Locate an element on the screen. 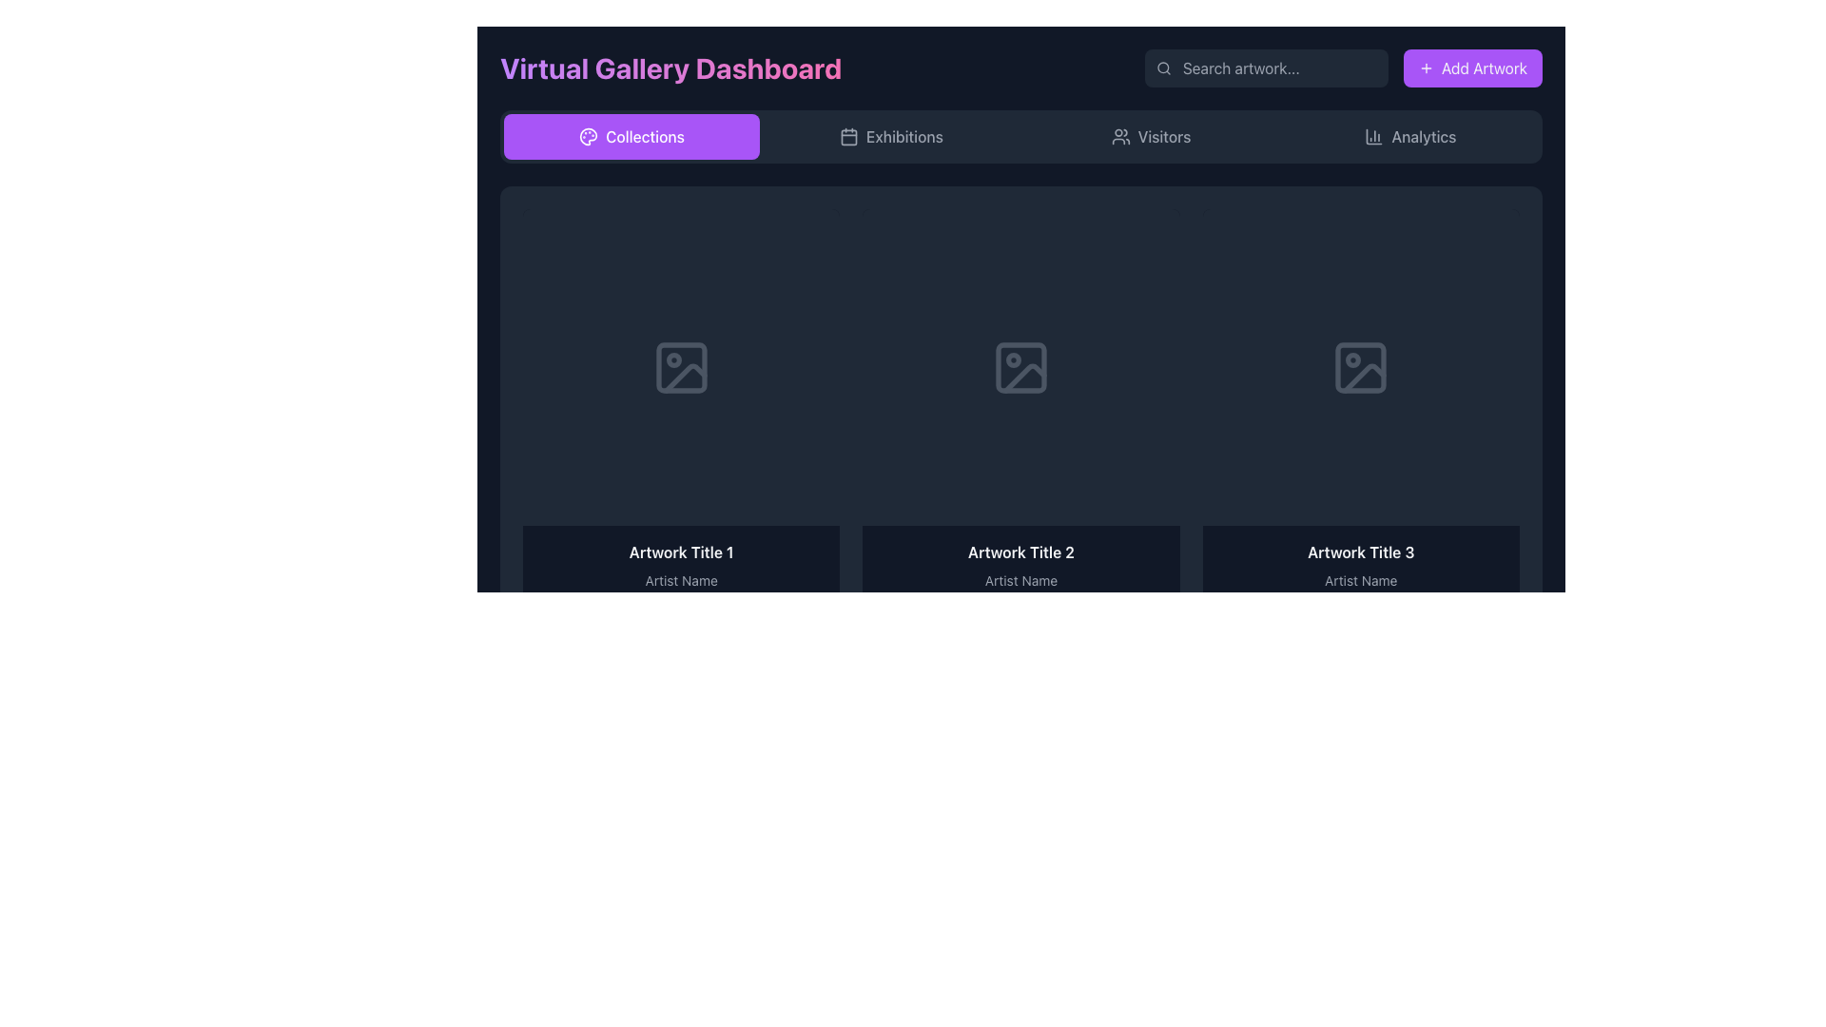 The image size is (1826, 1027). the button used to add new artwork entries to the gallery, located at the top-right corner of the interface is located at coordinates (1471, 68).